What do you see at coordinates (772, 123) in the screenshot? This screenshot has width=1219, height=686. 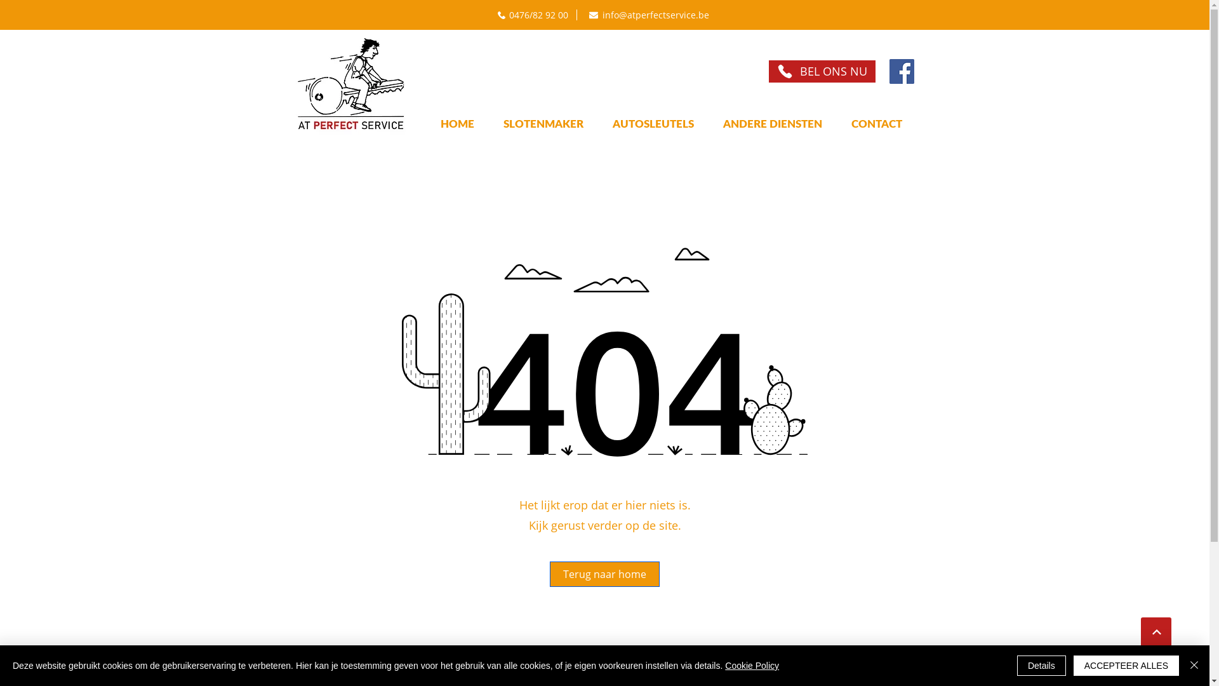 I see `'ANDERE DIENSTEN'` at bounding box center [772, 123].